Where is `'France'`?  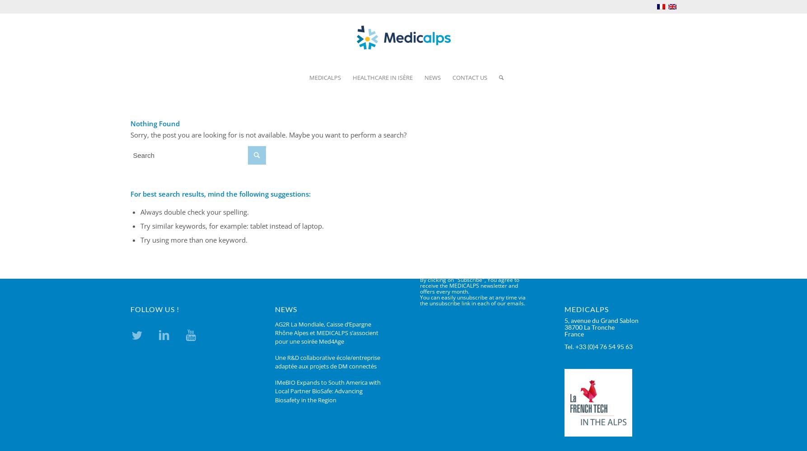
'France' is located at coordinates (574, 333).